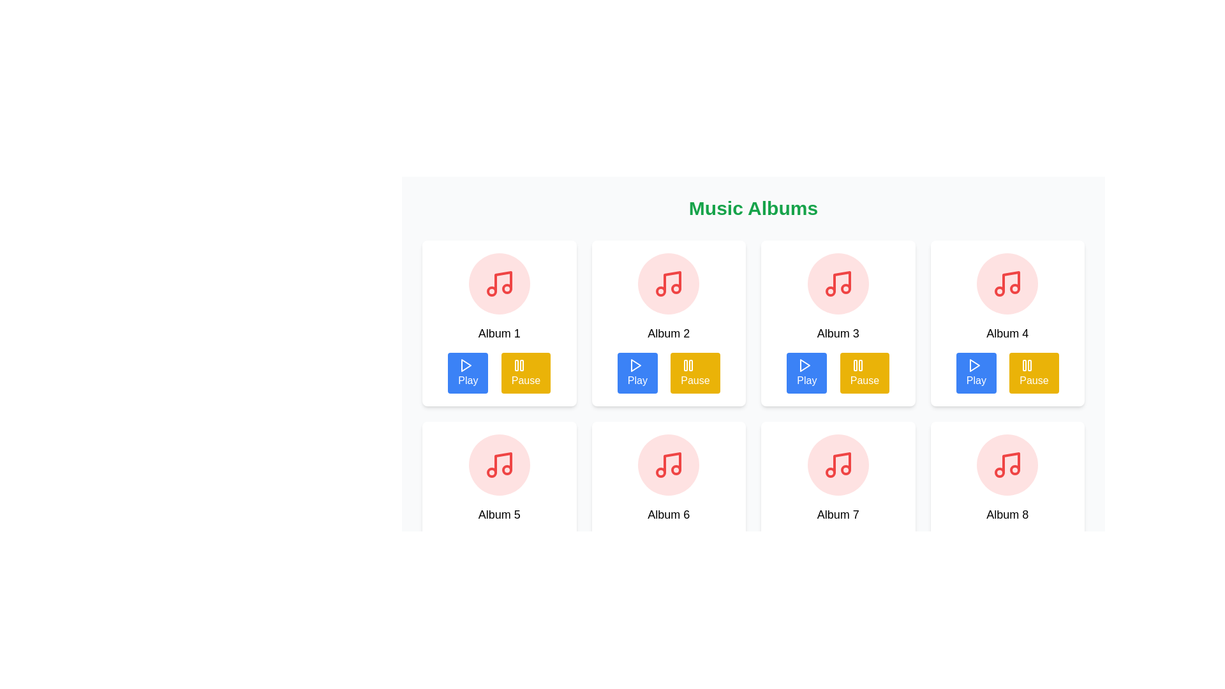  I want to click on the triangular play button in the second album card (Album 2), so click(635, 366).